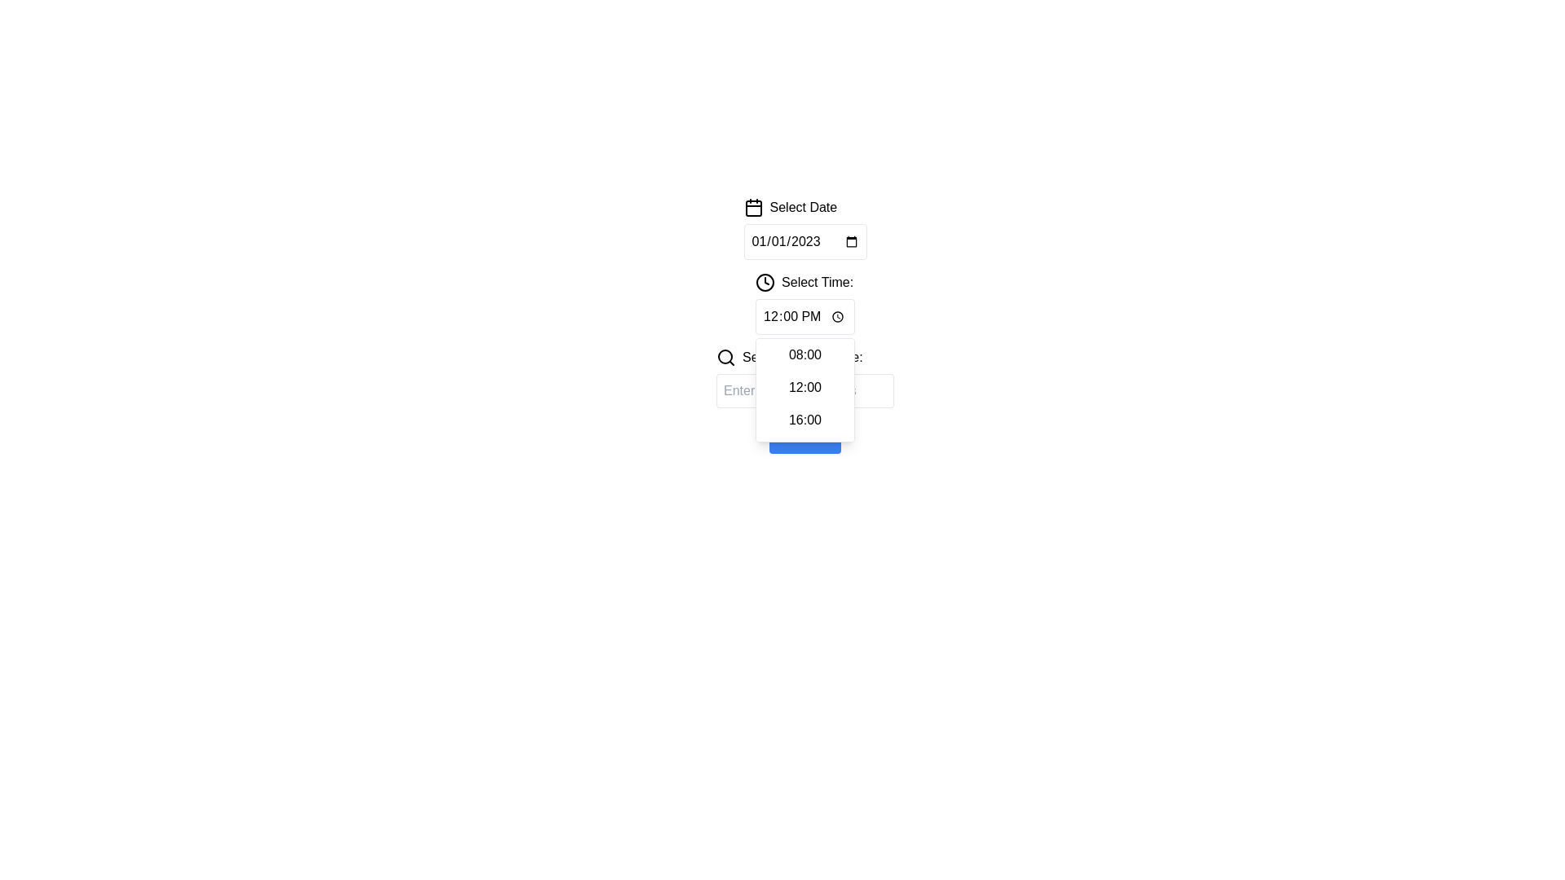 The image size is (1565, 880). Describe the element at coordinates (805, 304) in the screenshot. I see `the Dropdown menu located beneath the 'Select Date' field` at that location.